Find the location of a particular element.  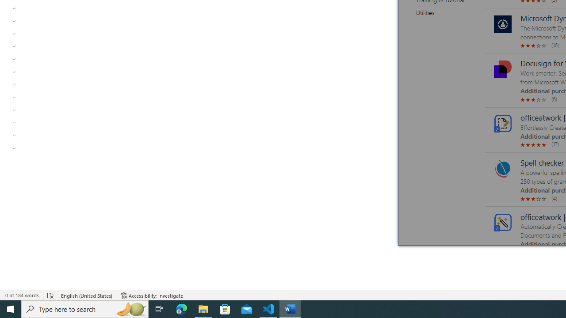

'Word Count 0 of 184 words' is located at coordinates (22, 295).